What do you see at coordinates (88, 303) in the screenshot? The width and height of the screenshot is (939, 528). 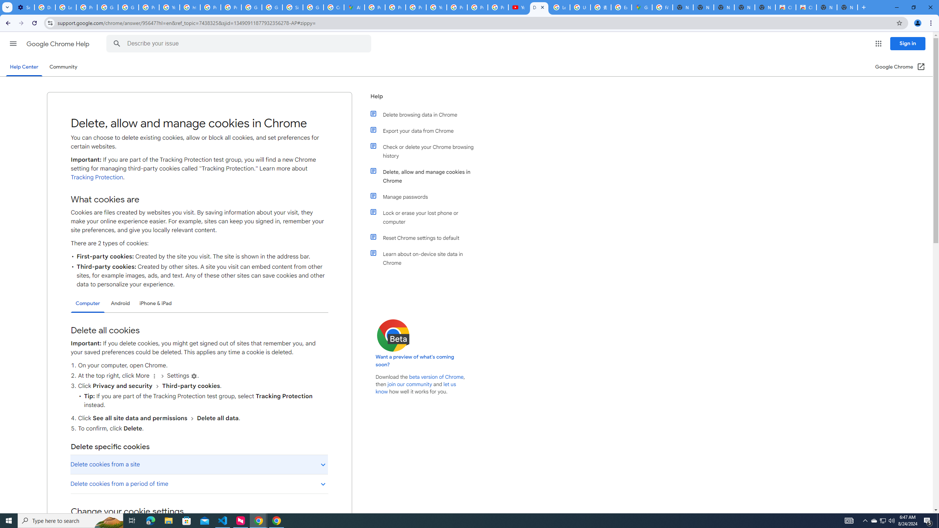 I see `'Computer'` at bounding box center [88, 303].